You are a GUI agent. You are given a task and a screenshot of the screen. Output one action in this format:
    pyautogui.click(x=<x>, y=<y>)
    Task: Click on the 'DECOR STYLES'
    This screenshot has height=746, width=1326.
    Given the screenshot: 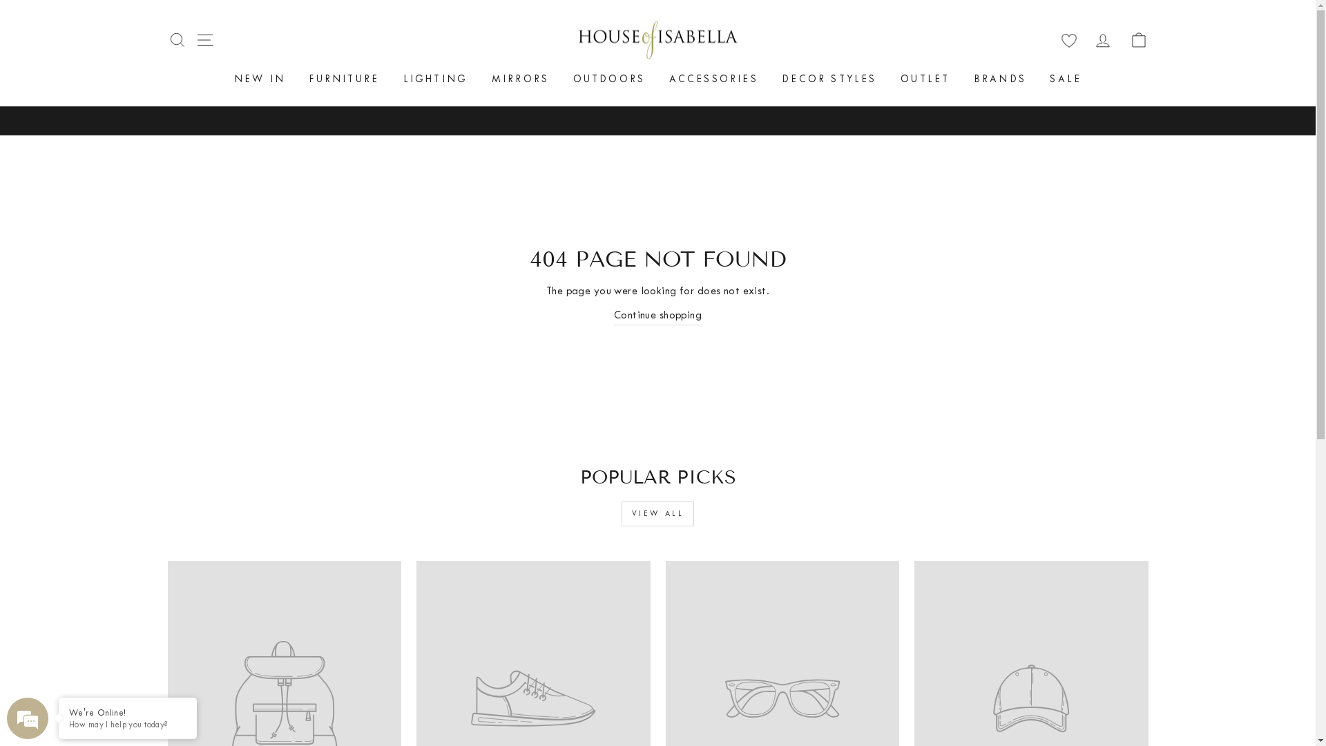 What is the action you would take?
    pyautogui.click(x=829, y=79)
    